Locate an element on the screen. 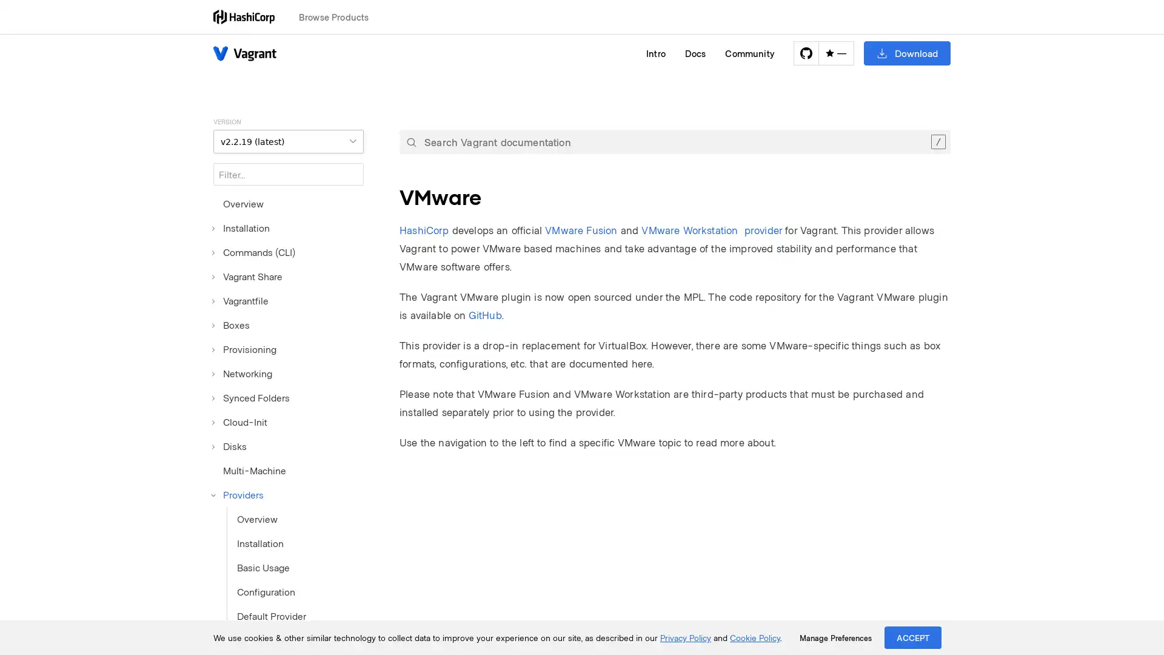 Image resolution: width=1164 pixels, height=655 pixels. Boxes is located at coordinates (232, 324).